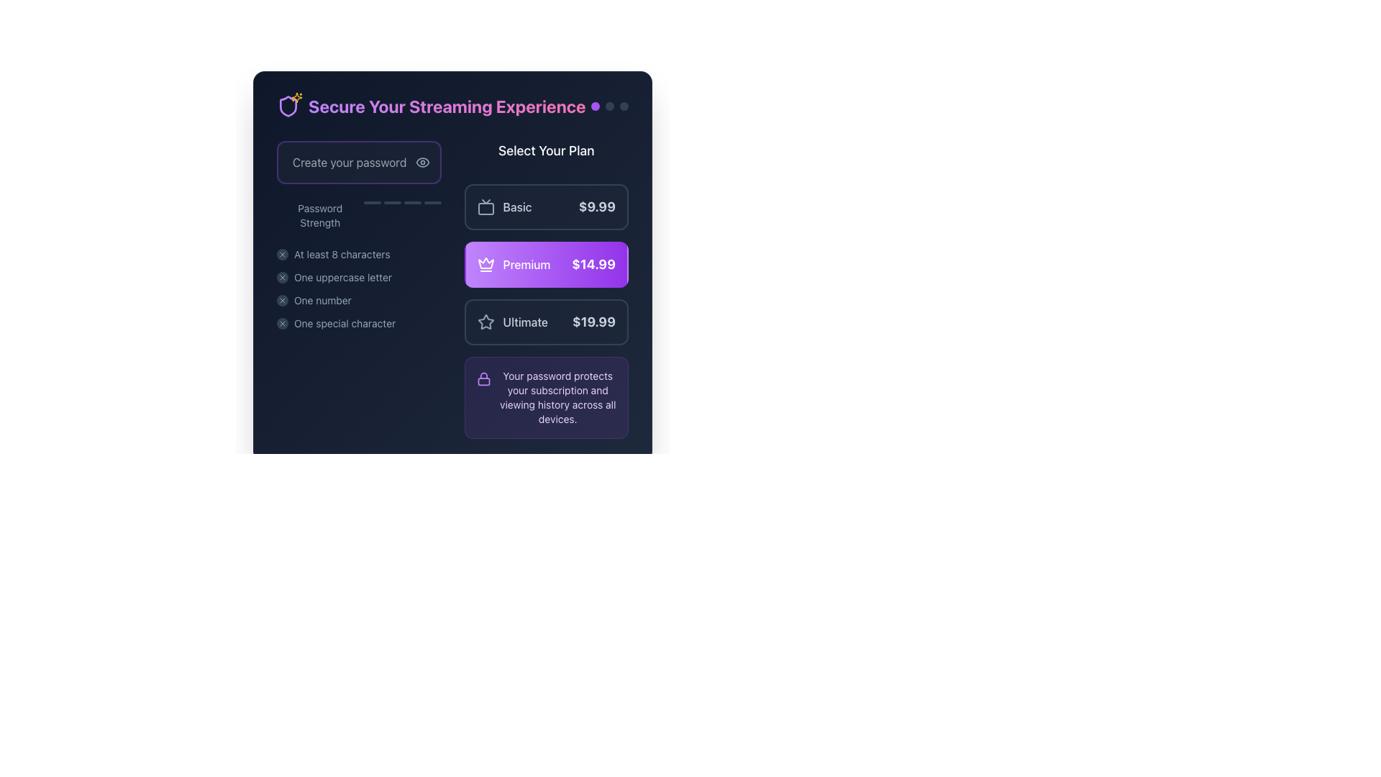  I want to click on the text label displaying 'Your password protects your subscription and viewing history across all devices.' which is styled with light purple text on a dark background, located in the bottom-right quadrant of the interface, so click(557, 397).